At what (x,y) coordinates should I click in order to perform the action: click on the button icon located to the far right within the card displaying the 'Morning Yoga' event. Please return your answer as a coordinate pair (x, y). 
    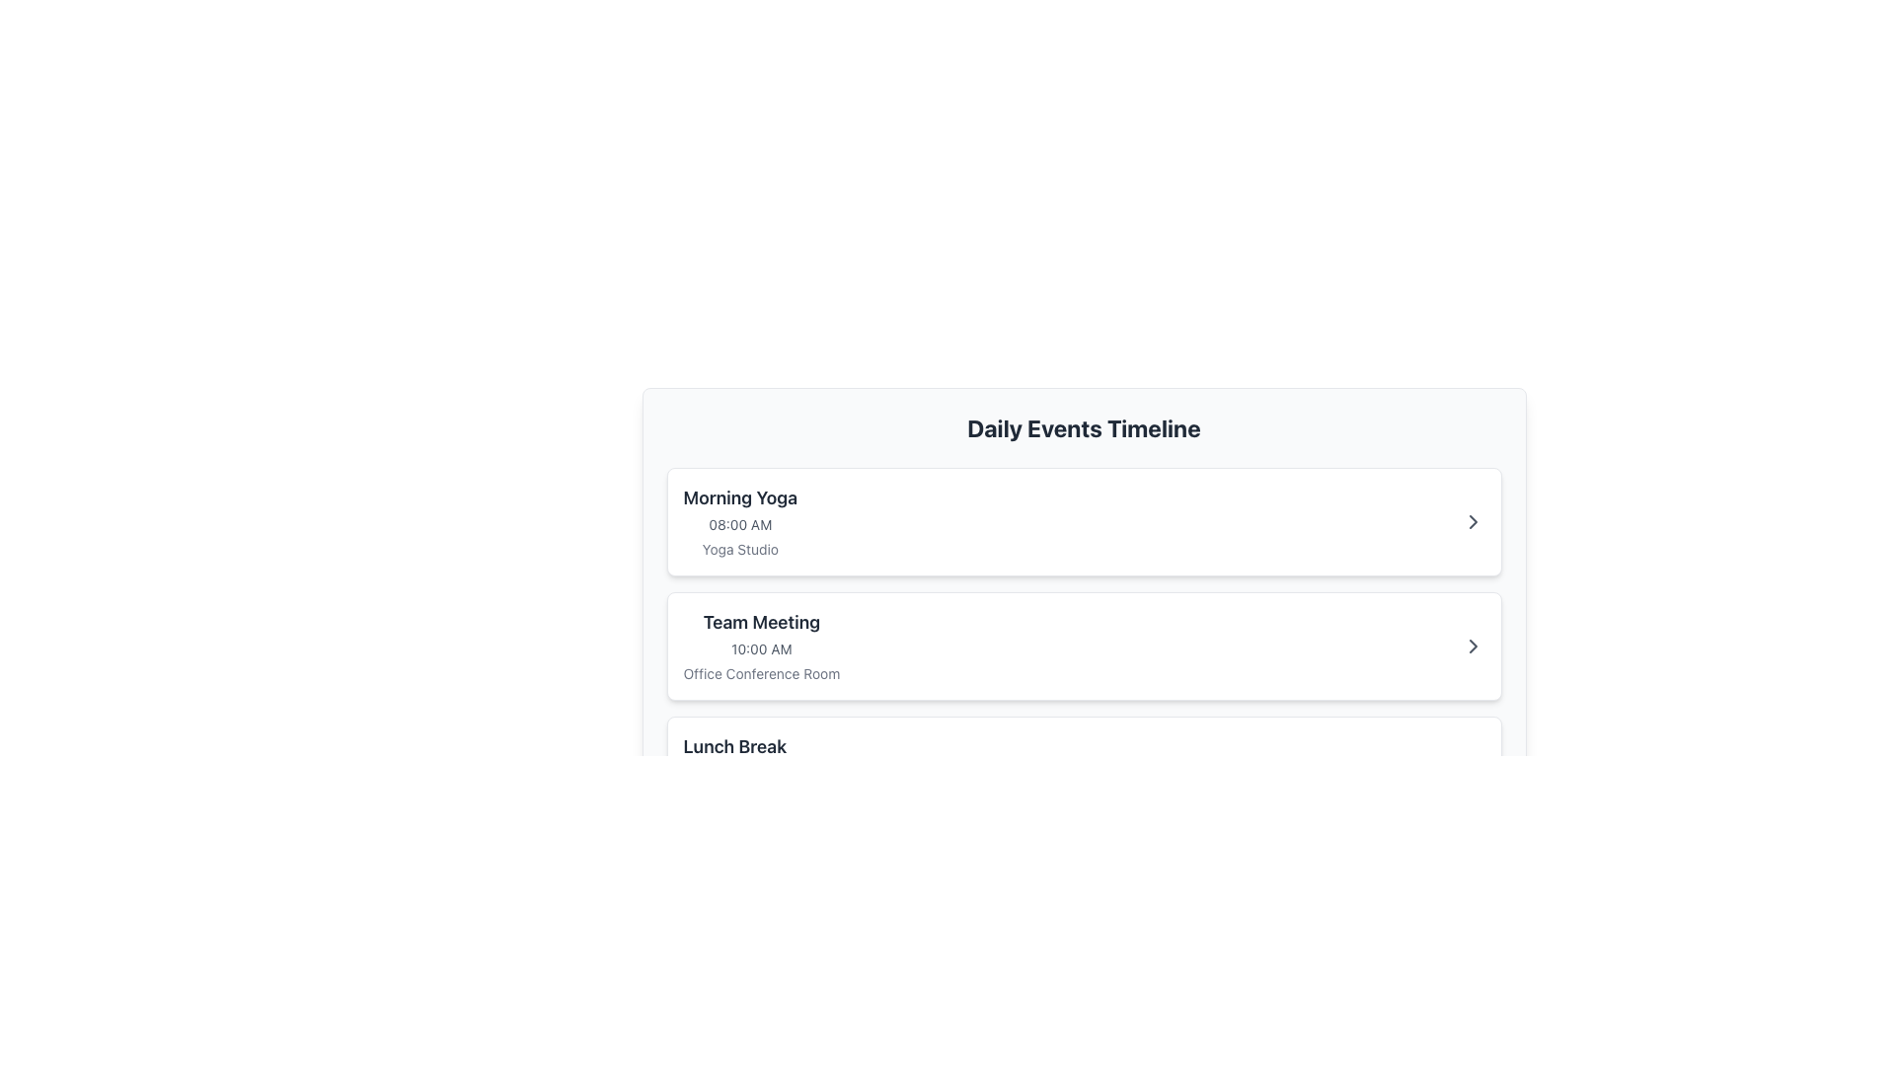
    Looking at the image, I should click on (1473, 520).